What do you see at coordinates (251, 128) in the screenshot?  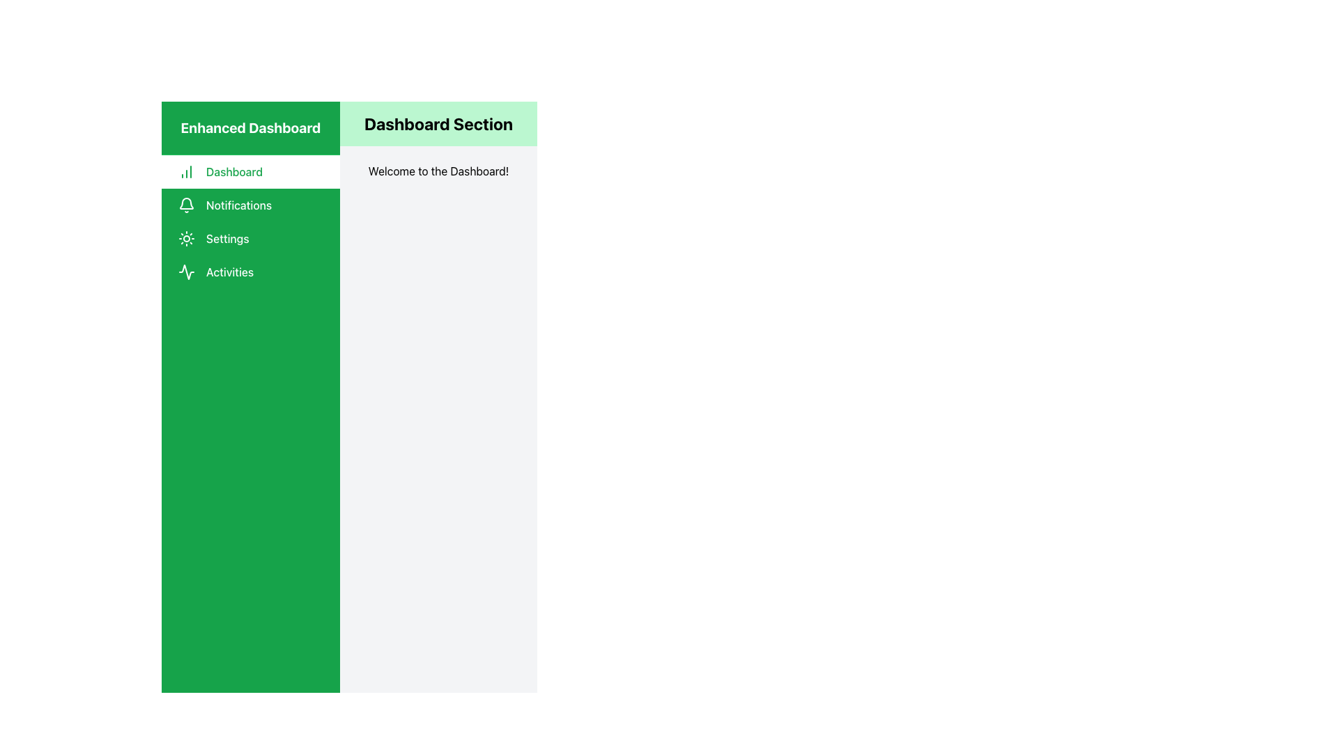 I see `the bold, large text label 'Enhanced Dashboard' located at the top of the left sidebar with a green background` at bounding box center [251, 128].